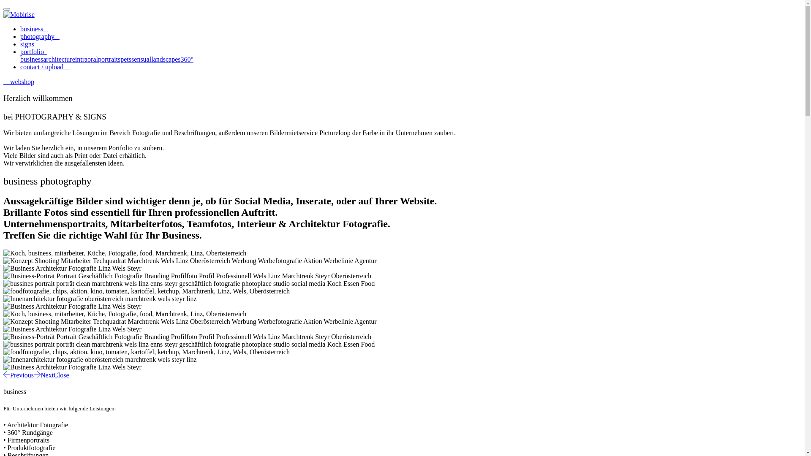 Image resolution: width=811 pixels, height=456 pixels. Describe the element at coordinates (100, 360) in the screenshot. I see `'Food Fotografie'` at that location.